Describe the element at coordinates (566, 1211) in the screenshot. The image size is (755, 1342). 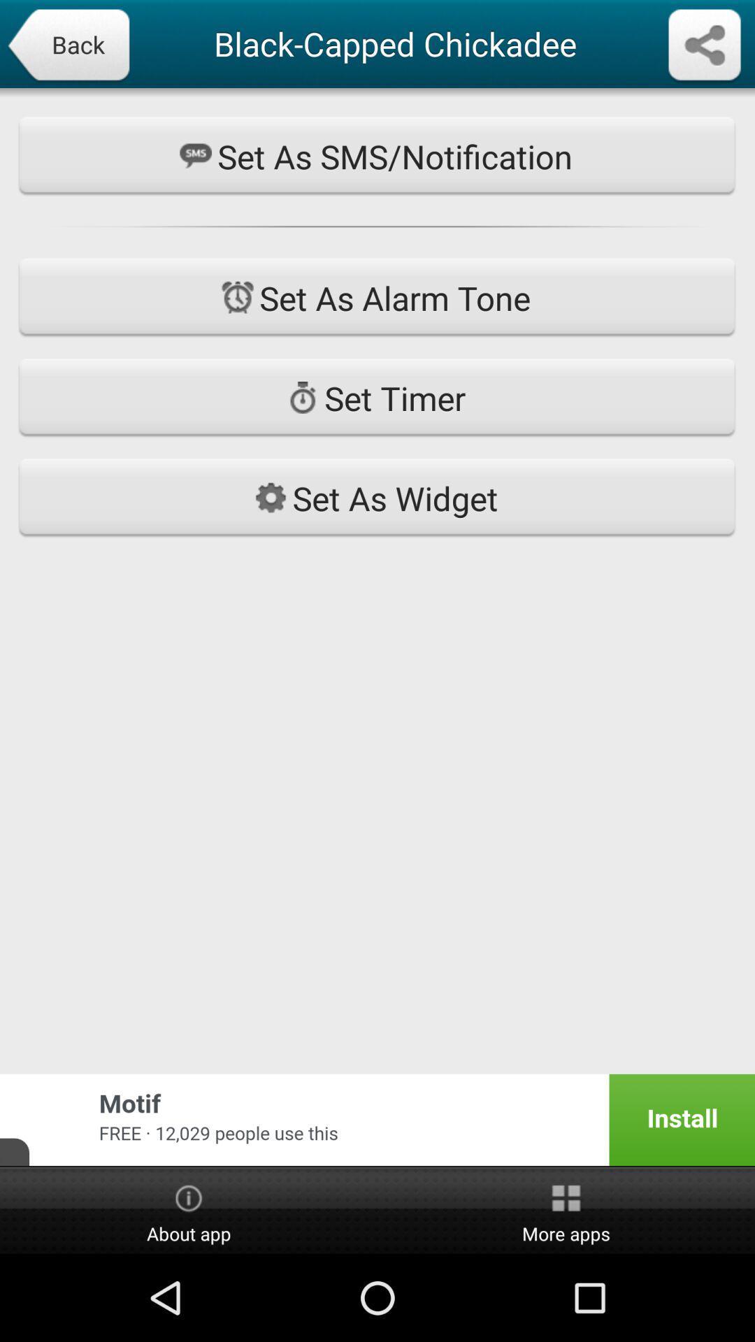
I see `the more apps item` at that location.